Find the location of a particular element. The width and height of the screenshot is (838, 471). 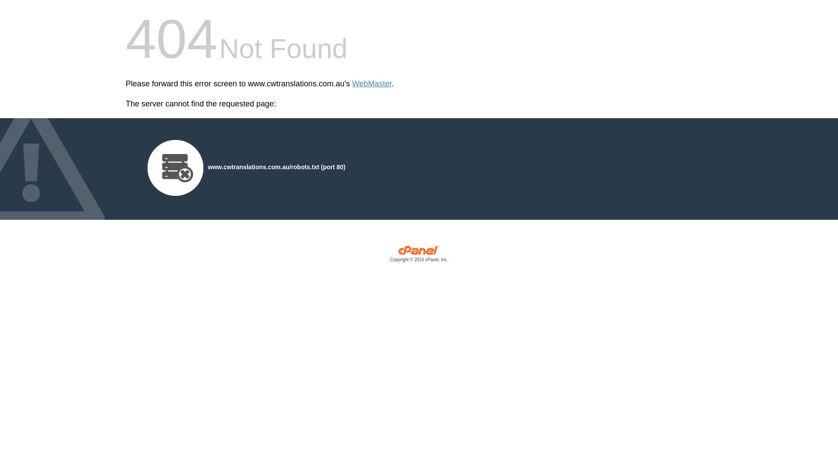

'WebMaster' is located at coordinates (352, 84).